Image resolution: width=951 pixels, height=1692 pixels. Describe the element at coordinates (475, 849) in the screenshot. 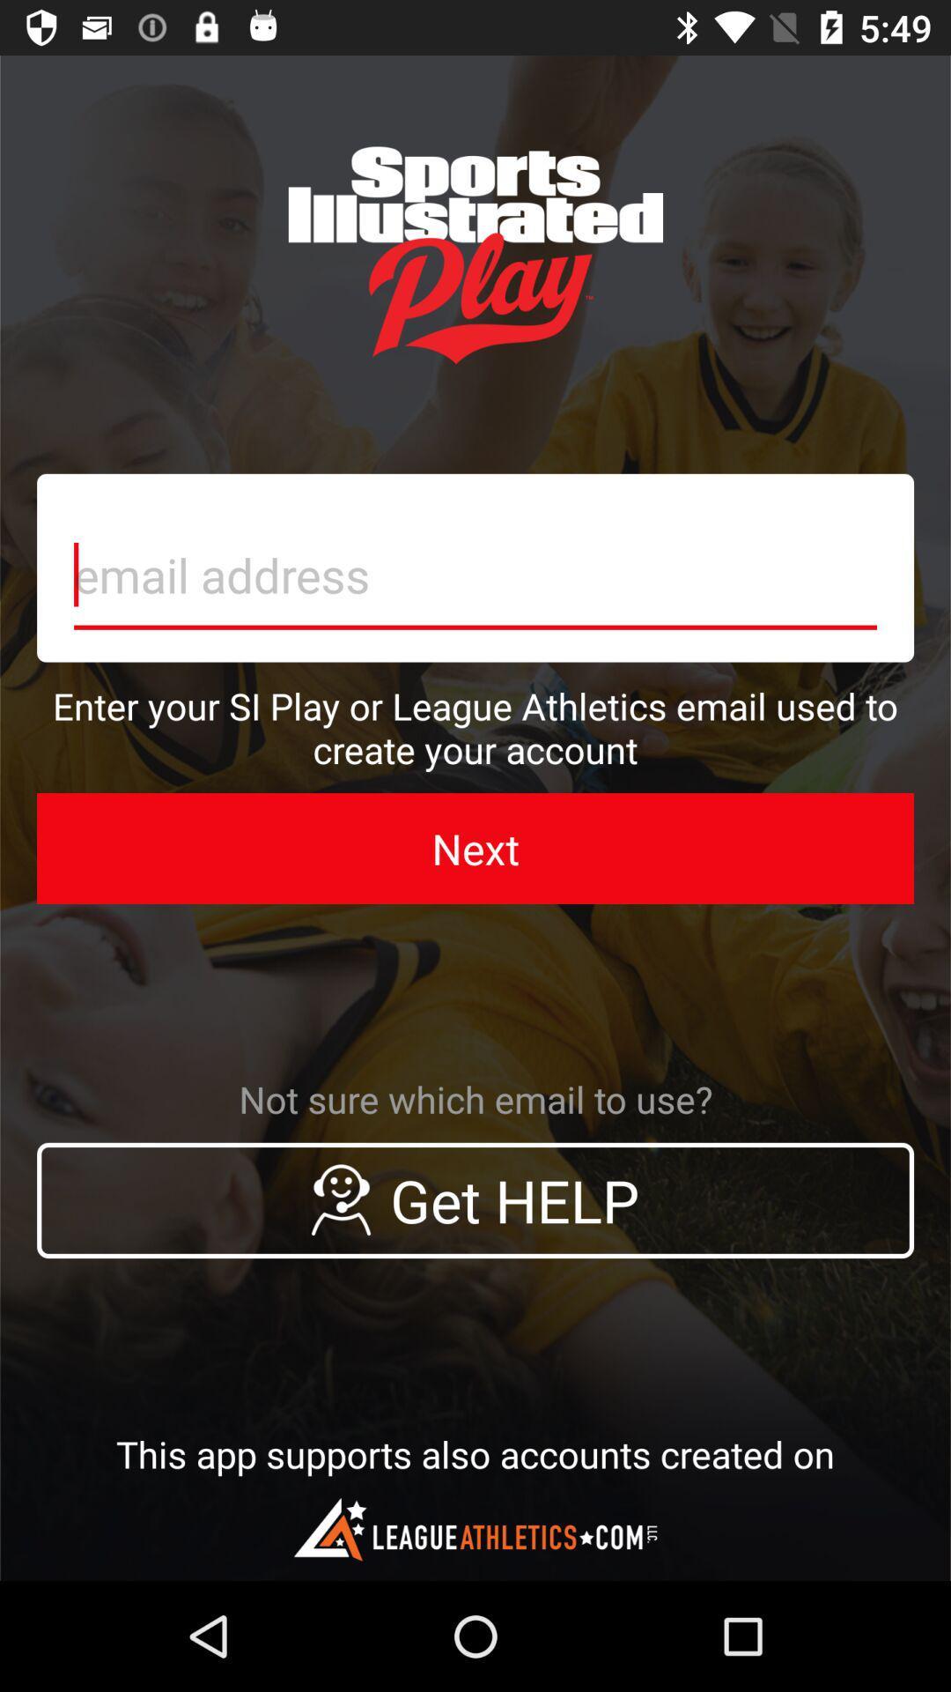

I see `the next icon` at that location.